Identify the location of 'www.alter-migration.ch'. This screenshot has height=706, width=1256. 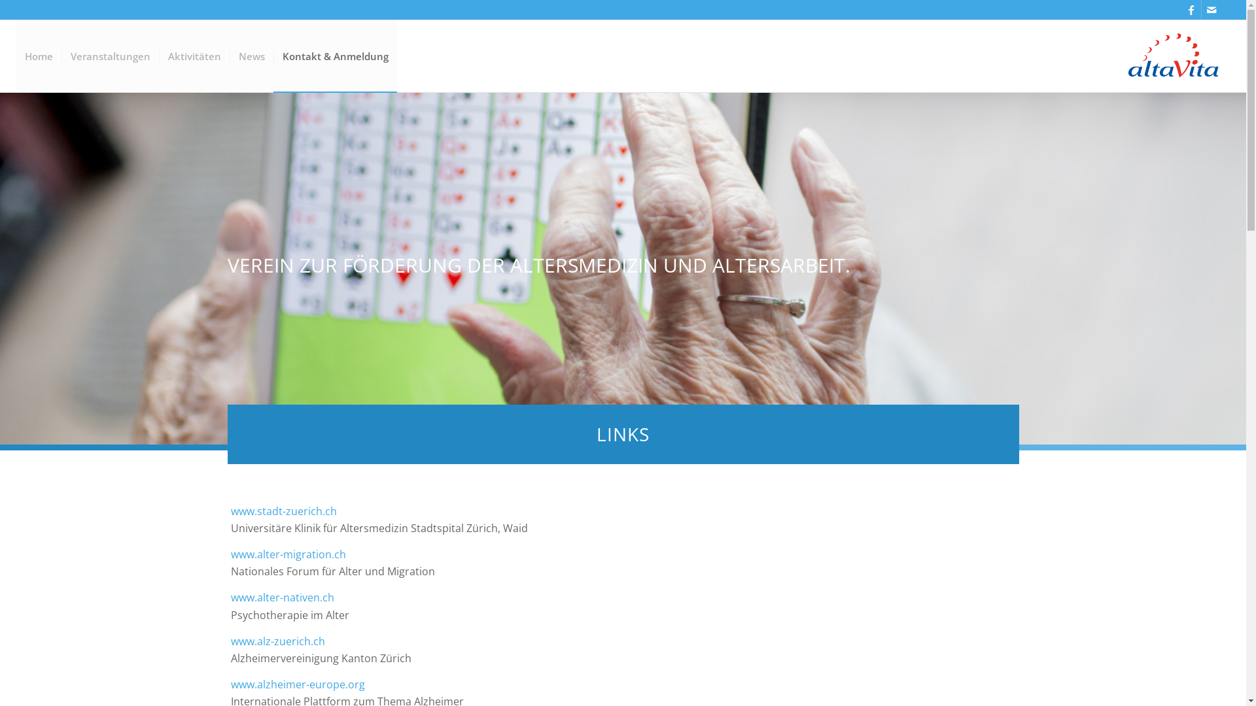
(287, 554).